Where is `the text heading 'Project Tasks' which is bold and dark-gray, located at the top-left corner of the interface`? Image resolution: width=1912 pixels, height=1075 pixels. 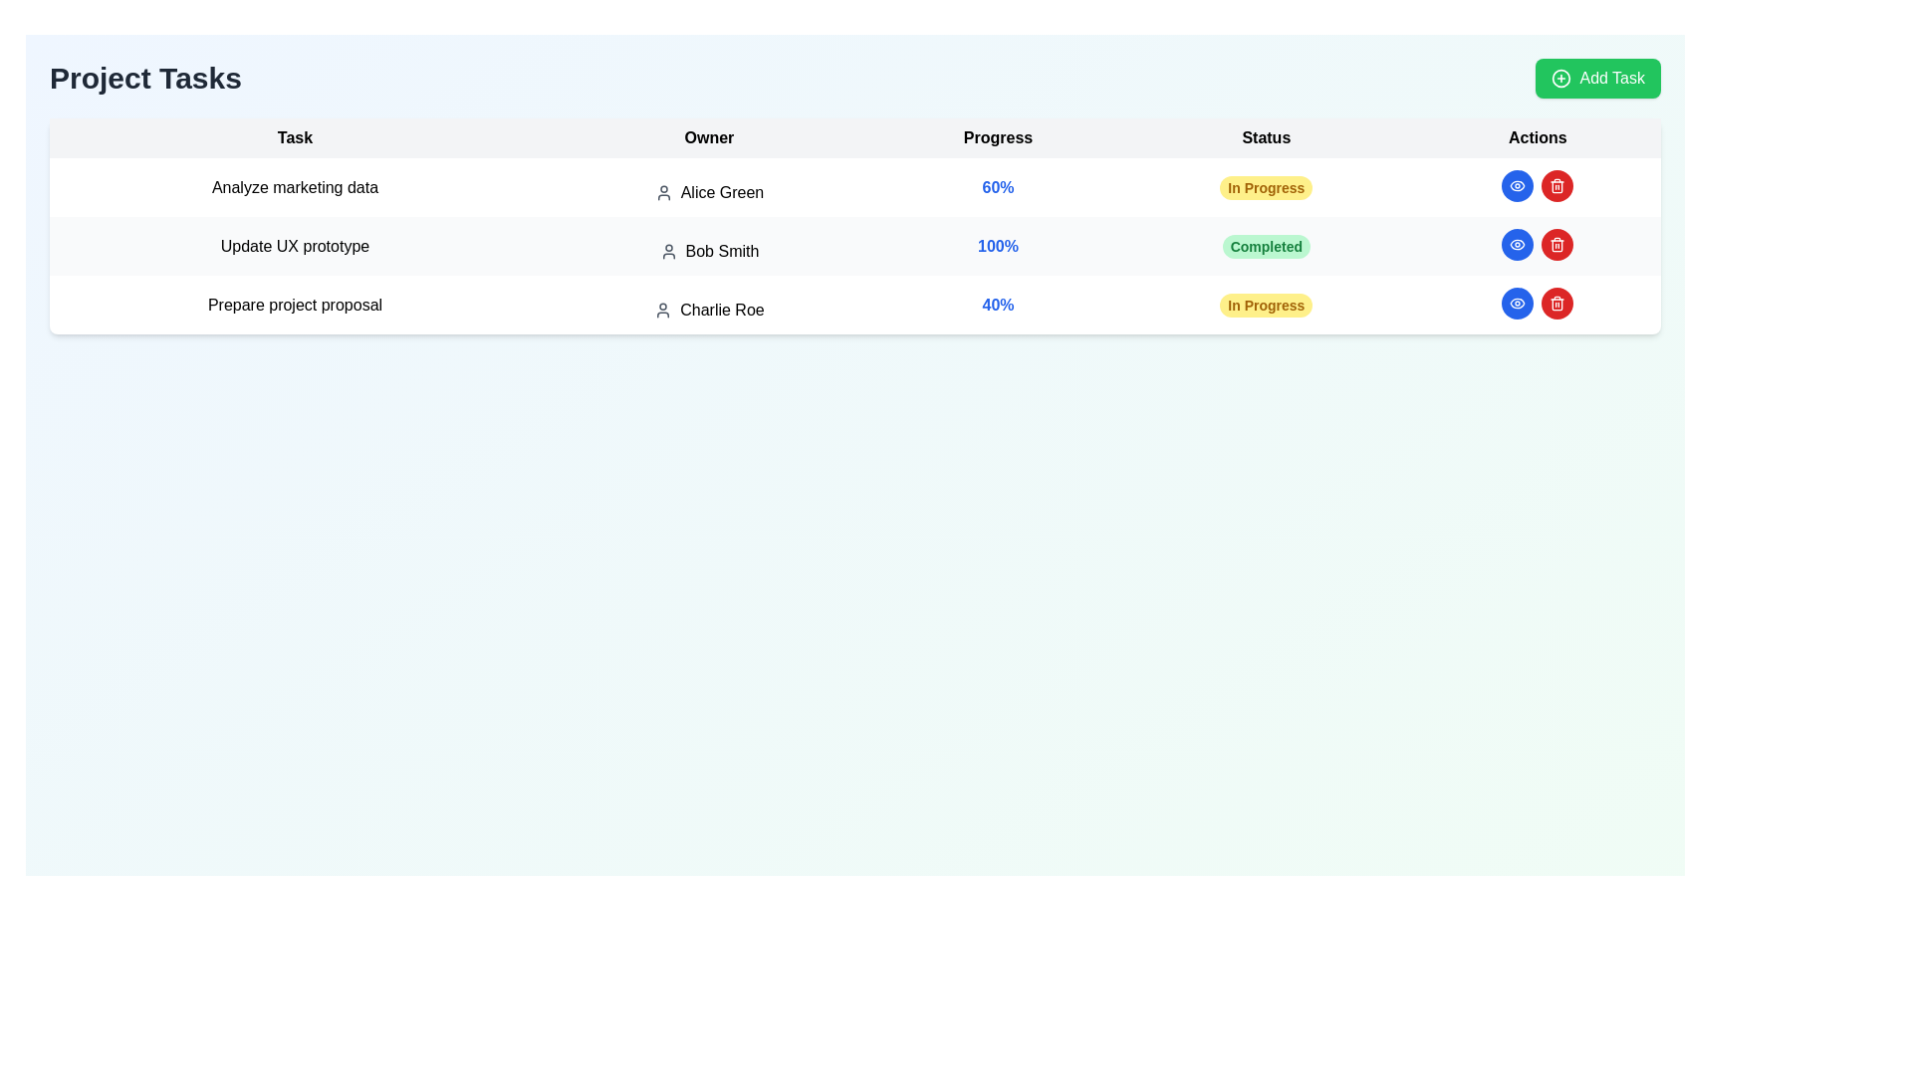
the text heading 'Project Tasks' which is bold and dark-gray, located at the top-left corner of the interface is located at coordinates (144, 77).